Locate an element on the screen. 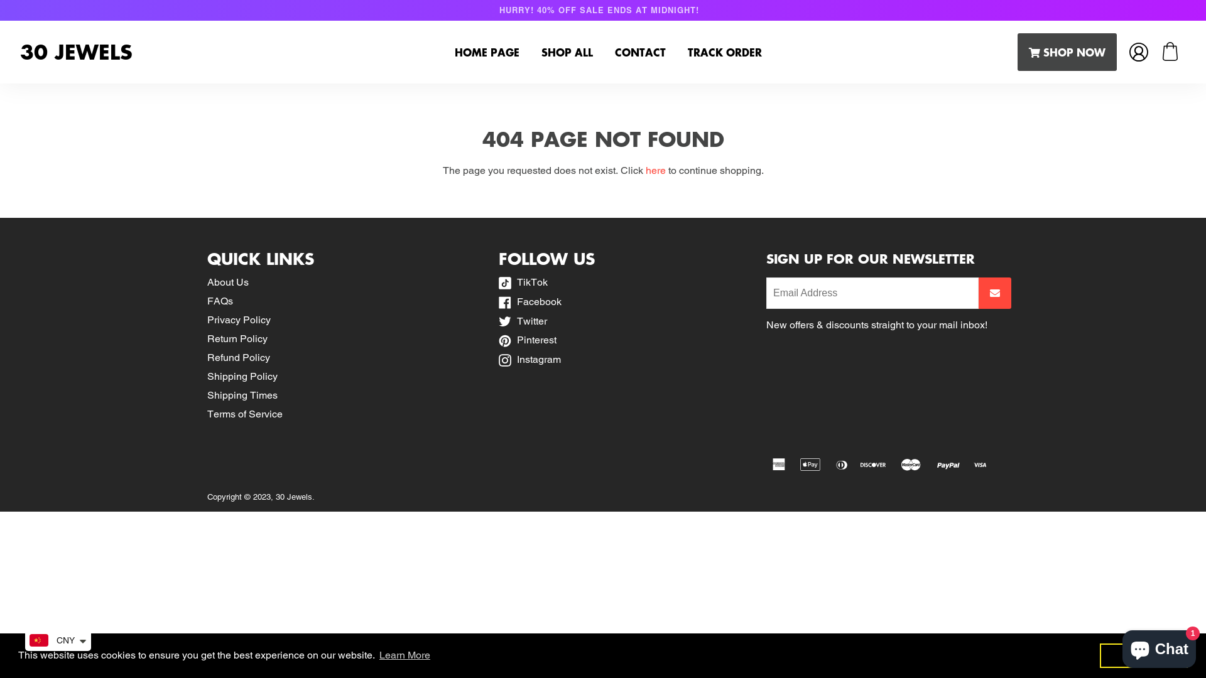  'Got it!' is located at coordinates (1143, 655).